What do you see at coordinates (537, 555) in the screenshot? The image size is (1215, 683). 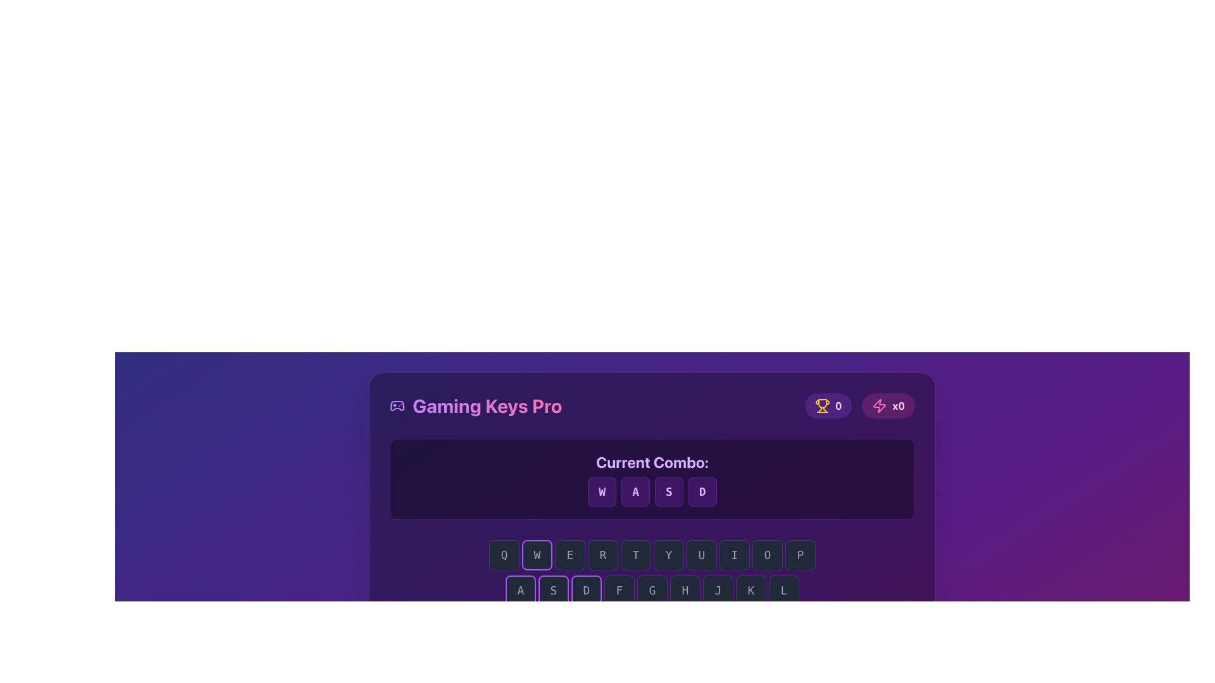 I see `the button representing the letter 'W' in the interactive keyboard layout` at bounding box center [537, 555].